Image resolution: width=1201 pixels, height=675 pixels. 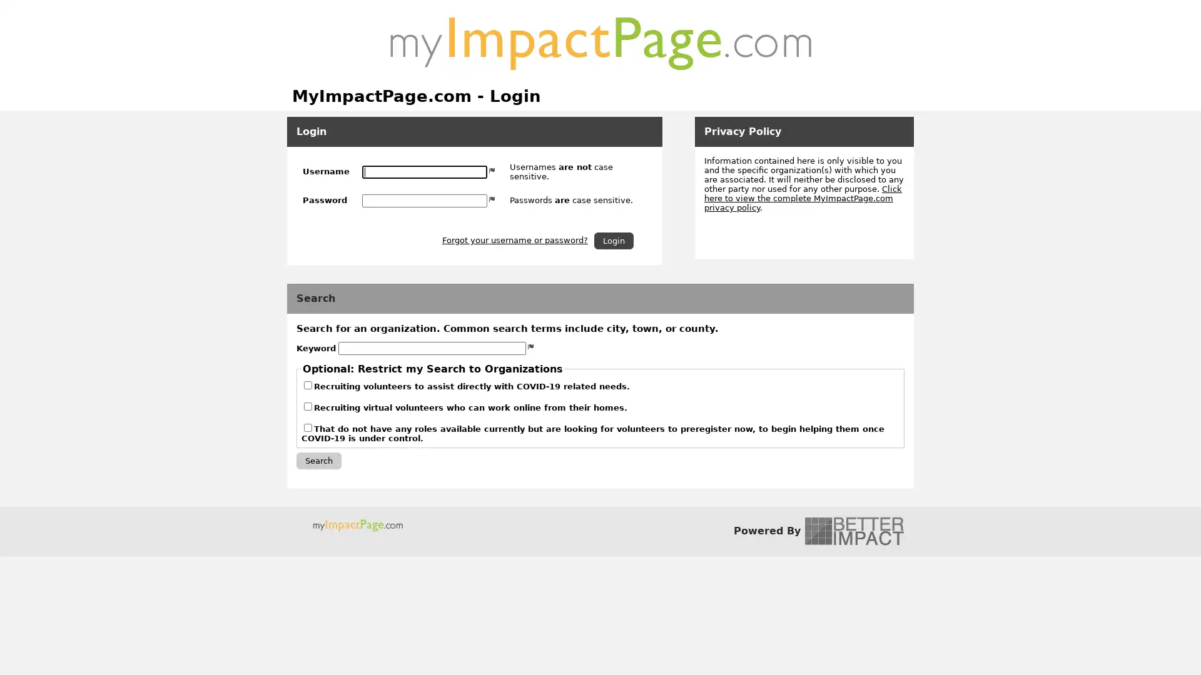 What do you see at coordinates (318, 460) in the screenshot?
I see `Search` at bounding box center [318, 460].